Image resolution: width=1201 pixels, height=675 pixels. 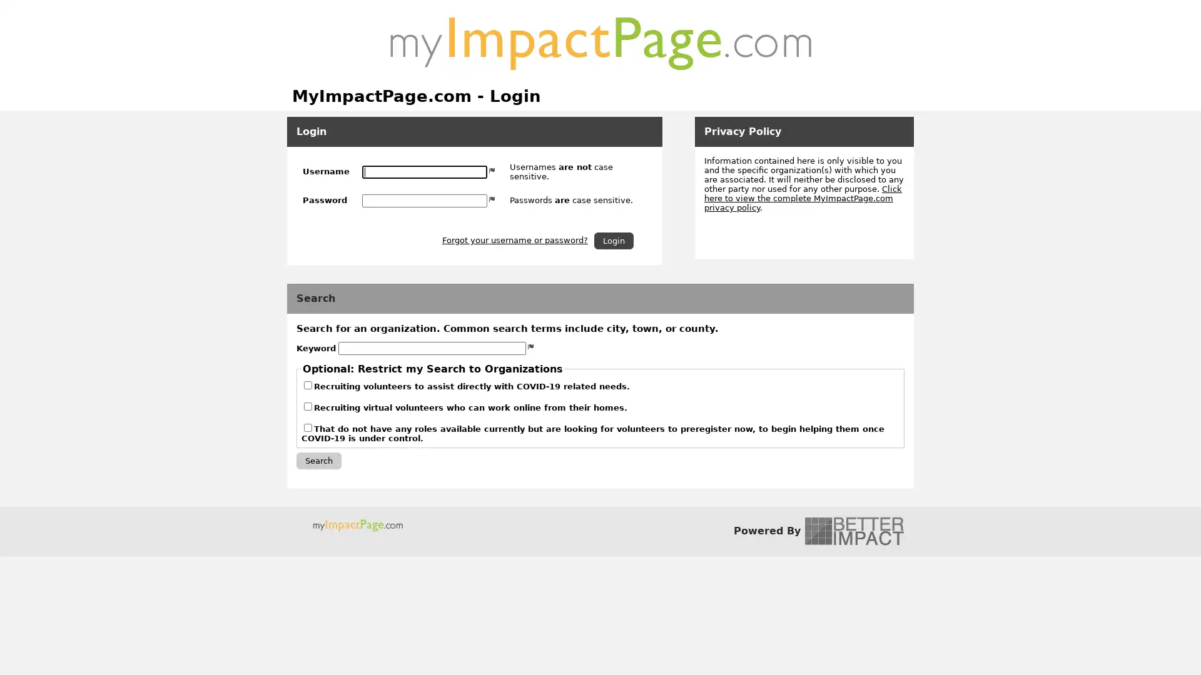 What do you see at coordinates (318, 460) in the screenshot?
I see `Search` at bounding box center [318, 460].